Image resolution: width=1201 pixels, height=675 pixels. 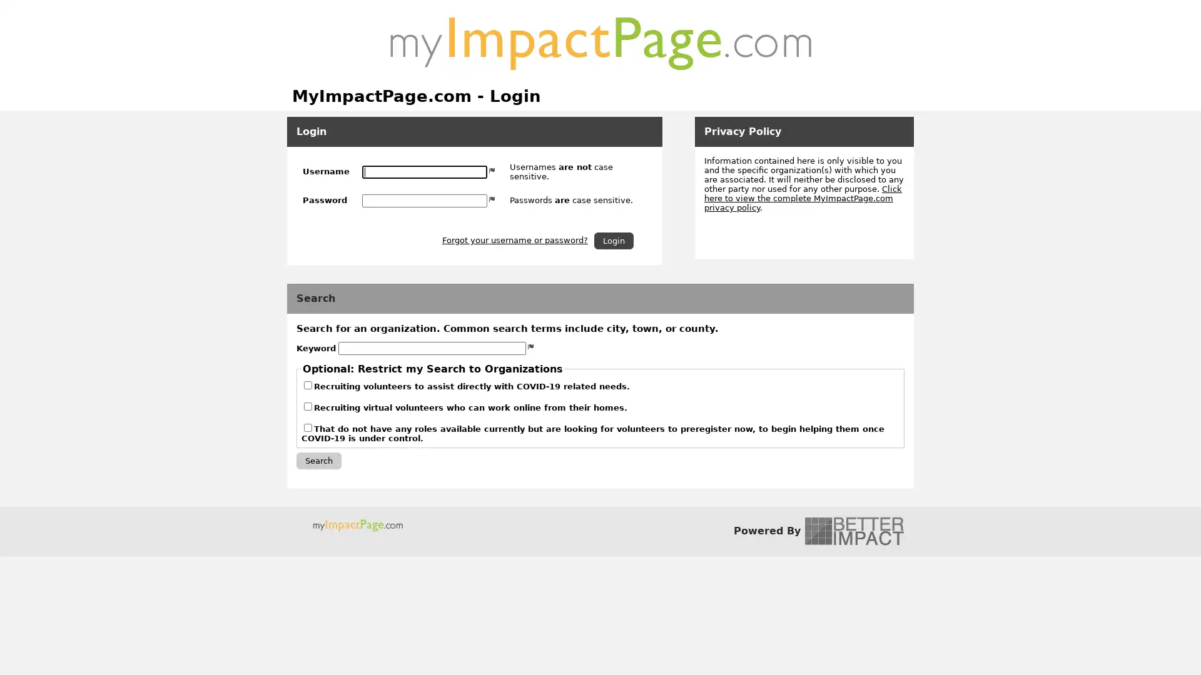 What do you see at coordinates (318, 460) in the screenshot?
I see `Search` at bounding box center [318, 460].